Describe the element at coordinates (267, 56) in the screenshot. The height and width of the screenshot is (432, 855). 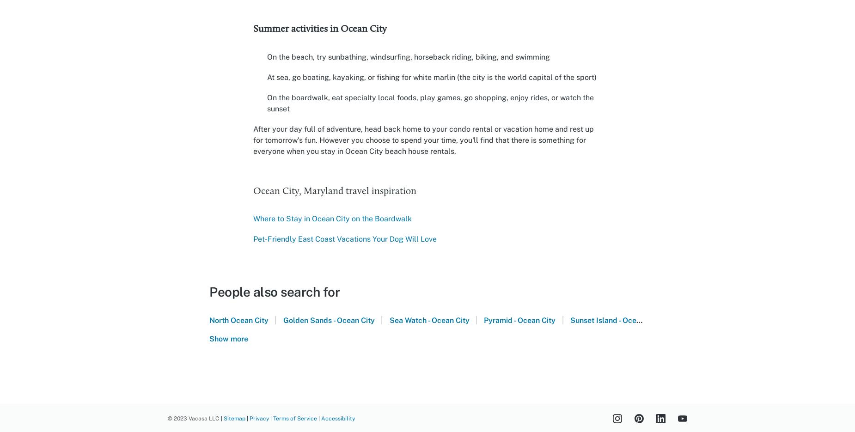
I see `'On the beach, try sunbathing, windsurfing, horseback riding, biking, and swimming'` at that location.